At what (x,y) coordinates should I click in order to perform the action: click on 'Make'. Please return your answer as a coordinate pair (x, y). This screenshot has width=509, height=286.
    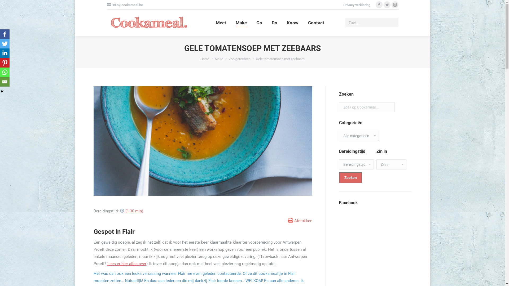
    Looking at the image, I should click on (241, 22).